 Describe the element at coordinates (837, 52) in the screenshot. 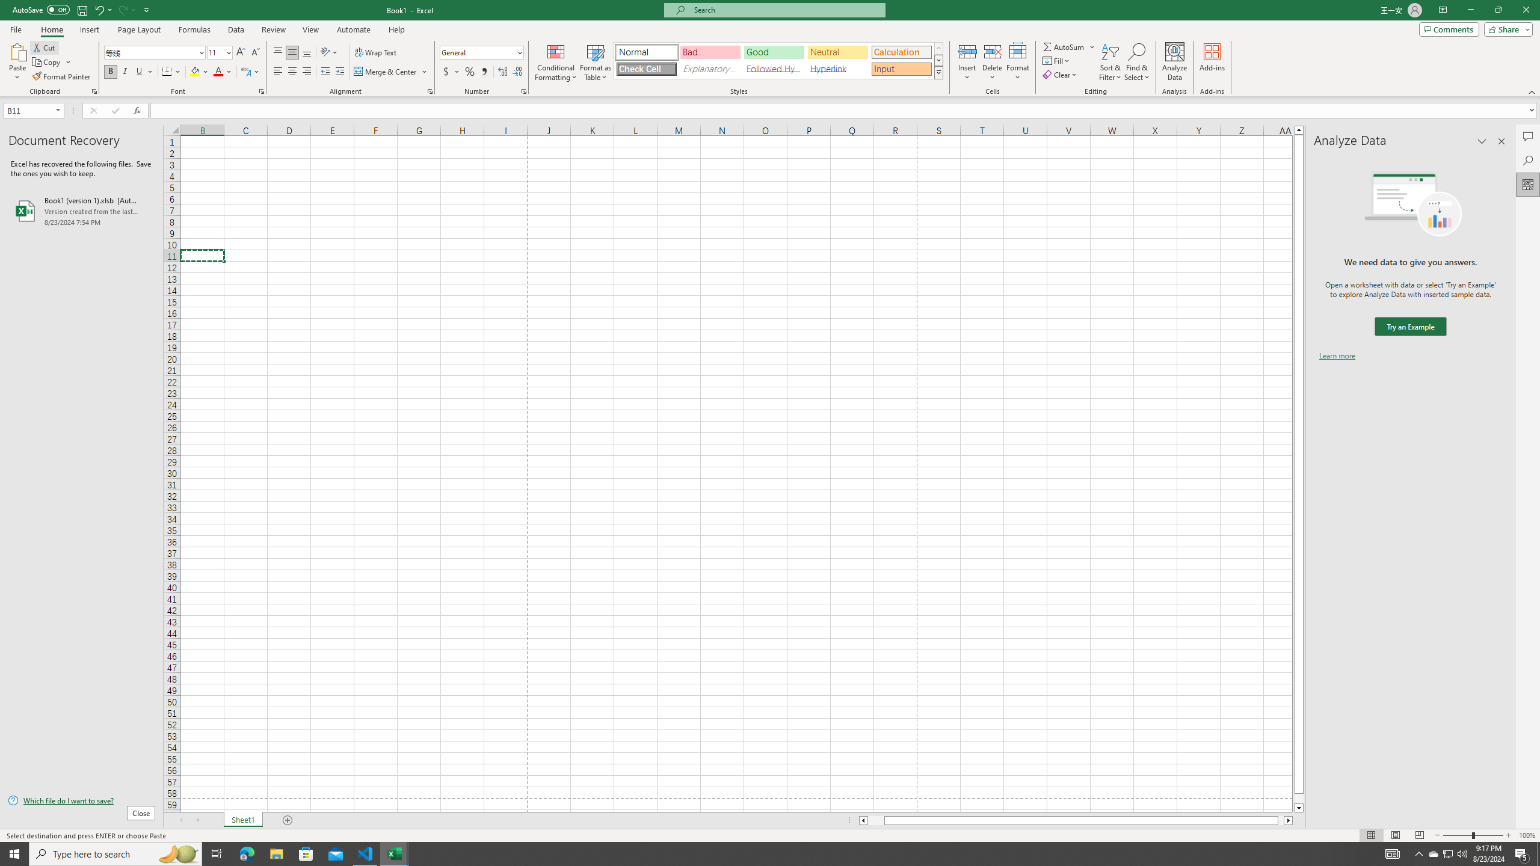

I see `'Neutral'` at that location.